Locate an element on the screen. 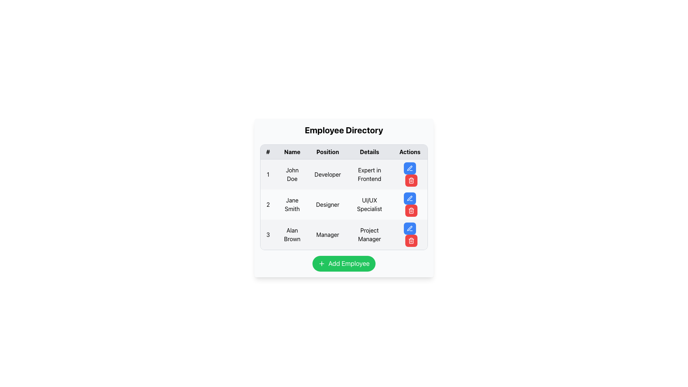  the 'Actions' text label located at the rightmost part of the header row, which displays the word 'Actions' in bold font is located at coordinates (410, 152).